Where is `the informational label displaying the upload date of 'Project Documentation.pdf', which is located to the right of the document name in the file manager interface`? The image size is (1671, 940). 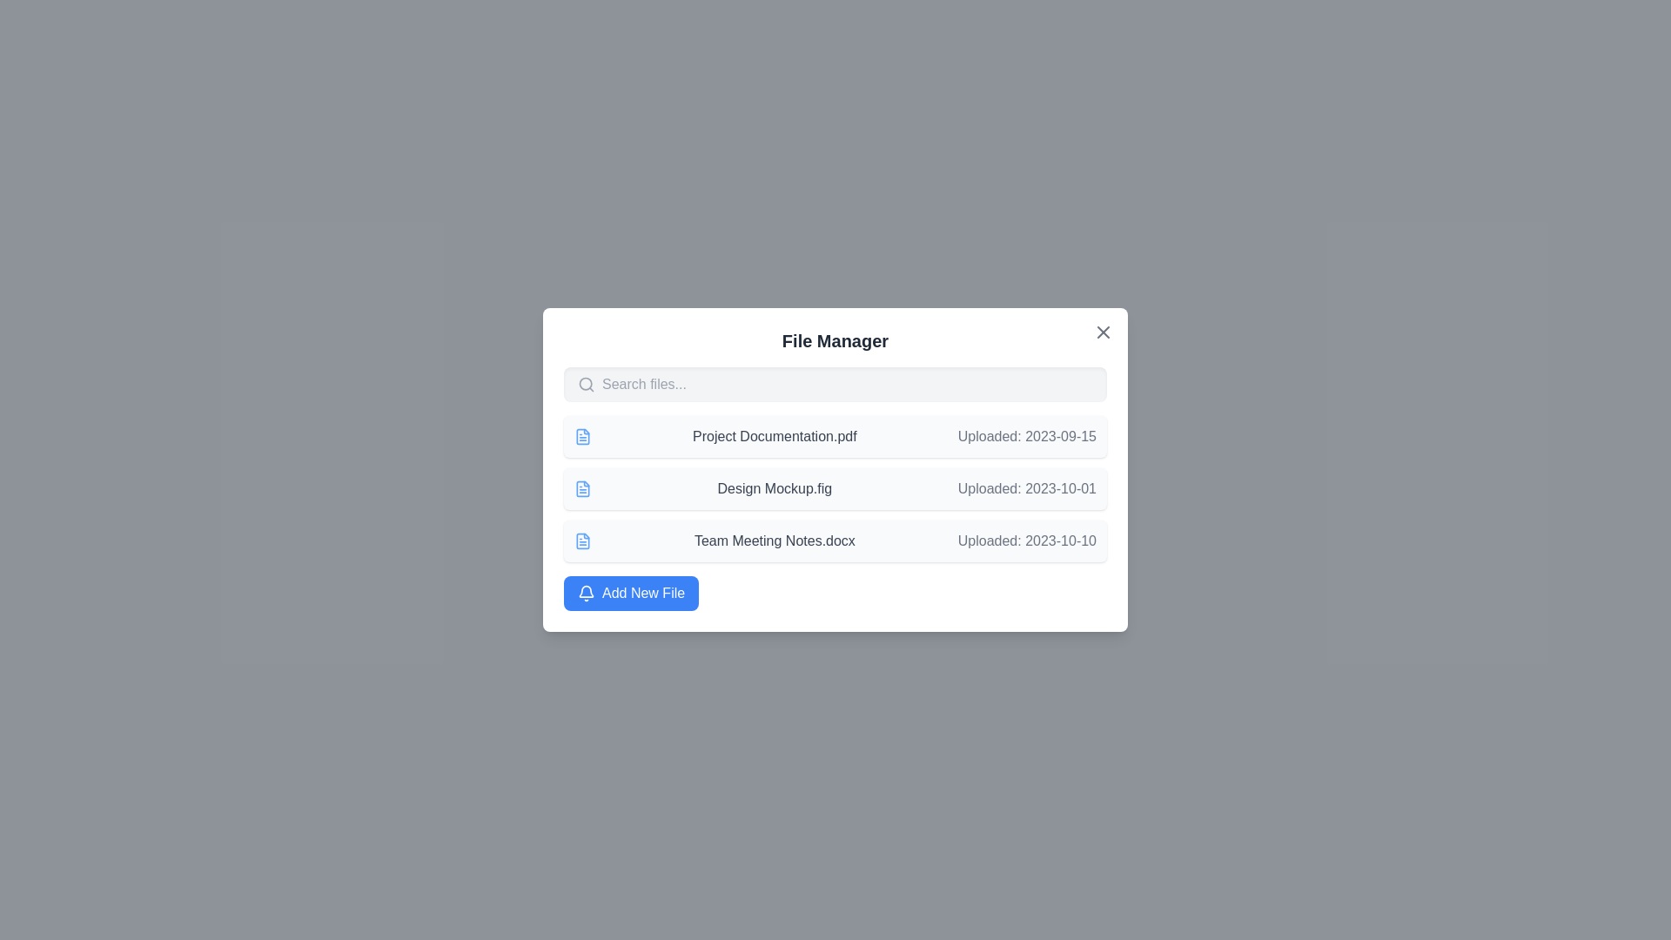
the informational label displaying the upload date of 'Project Documentation.pdf', which is located to the right of the document name in the file manager interface is located at coordinates (1027, 435).